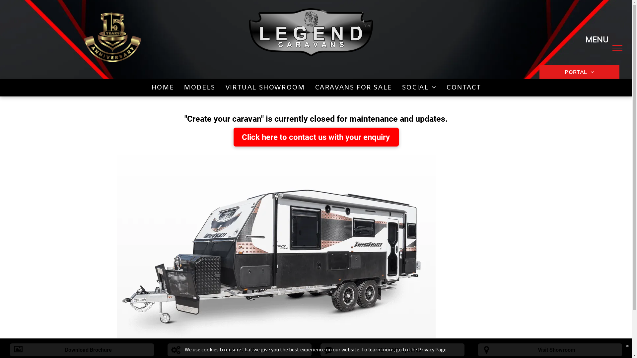 The image size is (637, 358). What do you see at coordinates (316, 137) in the screenshot?
I see `'Click here to contact us with your enquiry'` at bounding box center [316, 137].